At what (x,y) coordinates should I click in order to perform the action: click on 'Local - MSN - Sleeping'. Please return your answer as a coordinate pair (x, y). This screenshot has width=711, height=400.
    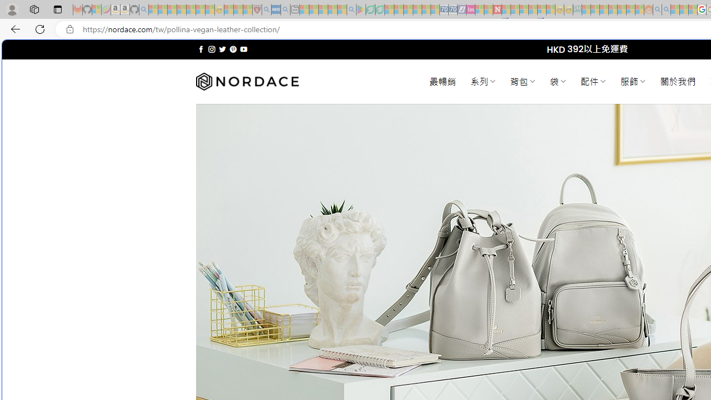
    Looking at the image, I should click on (247, 9).